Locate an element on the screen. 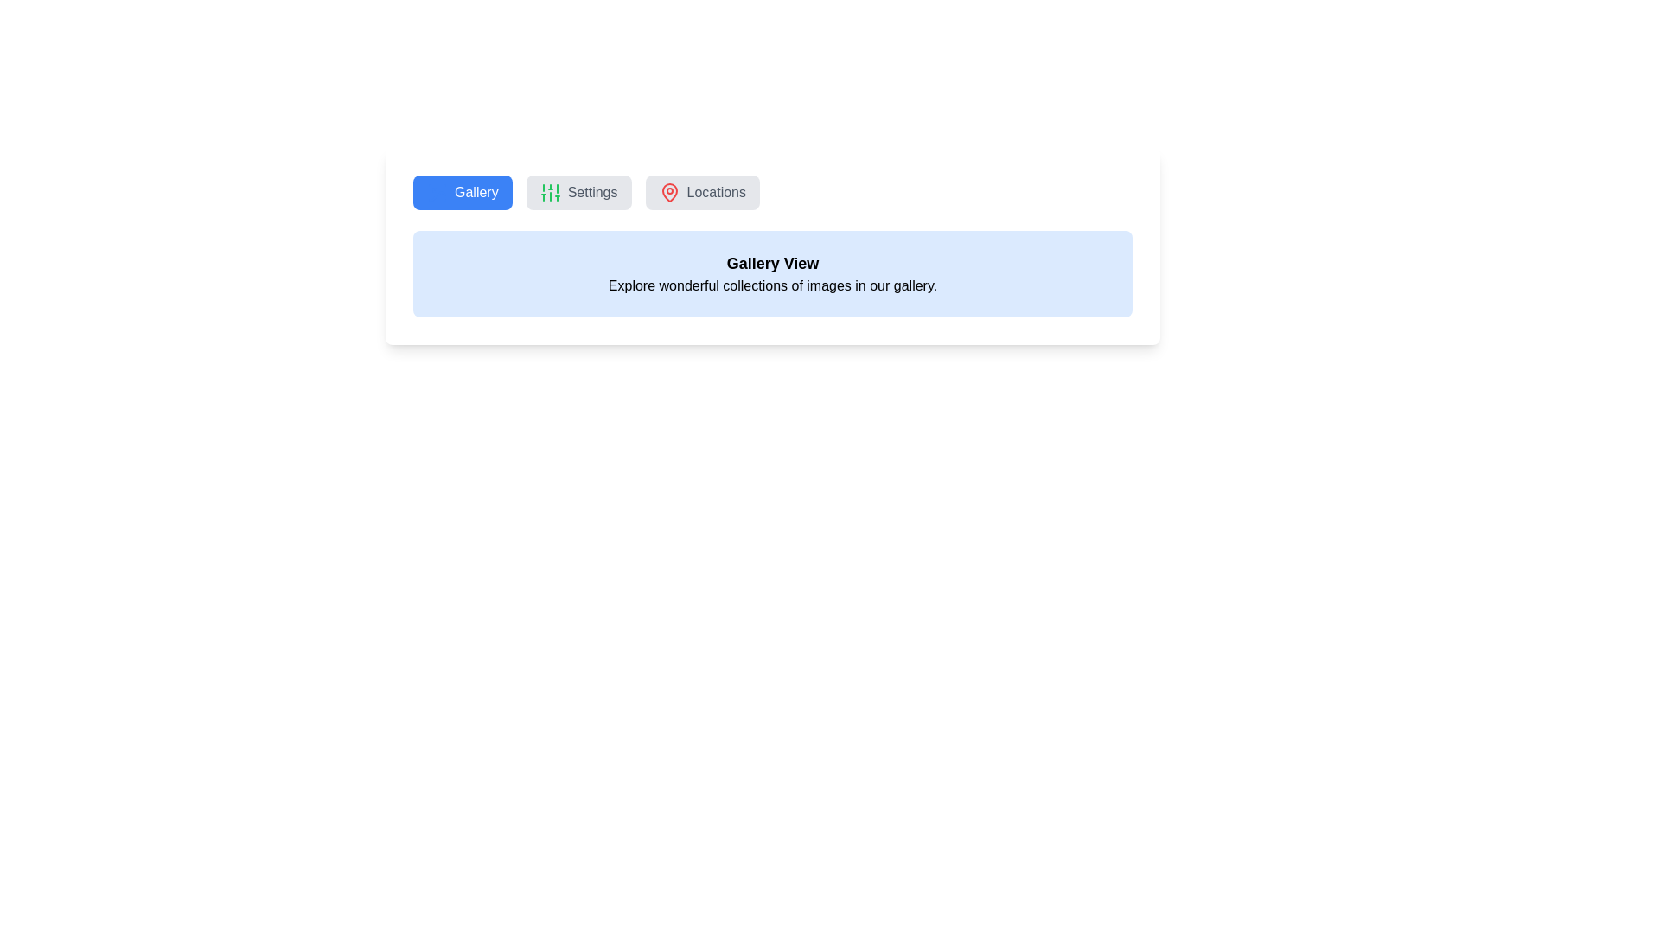  the icon of the Locations tab is located at coordinates (668, 193).